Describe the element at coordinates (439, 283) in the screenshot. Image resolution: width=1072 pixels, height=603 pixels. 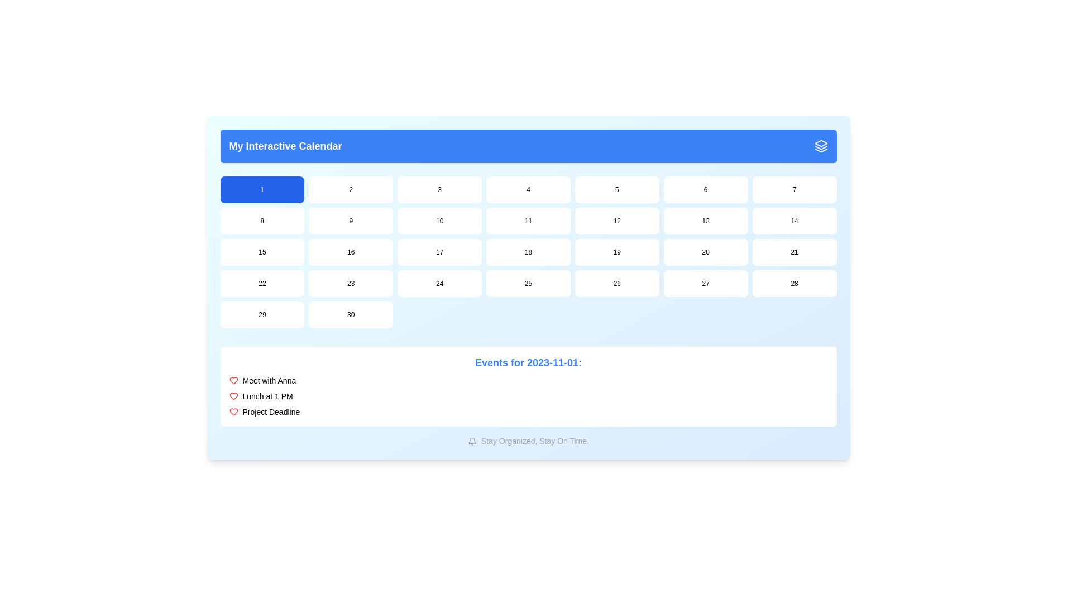
I see `the button labeled '24' in the calendar grid` at that location.